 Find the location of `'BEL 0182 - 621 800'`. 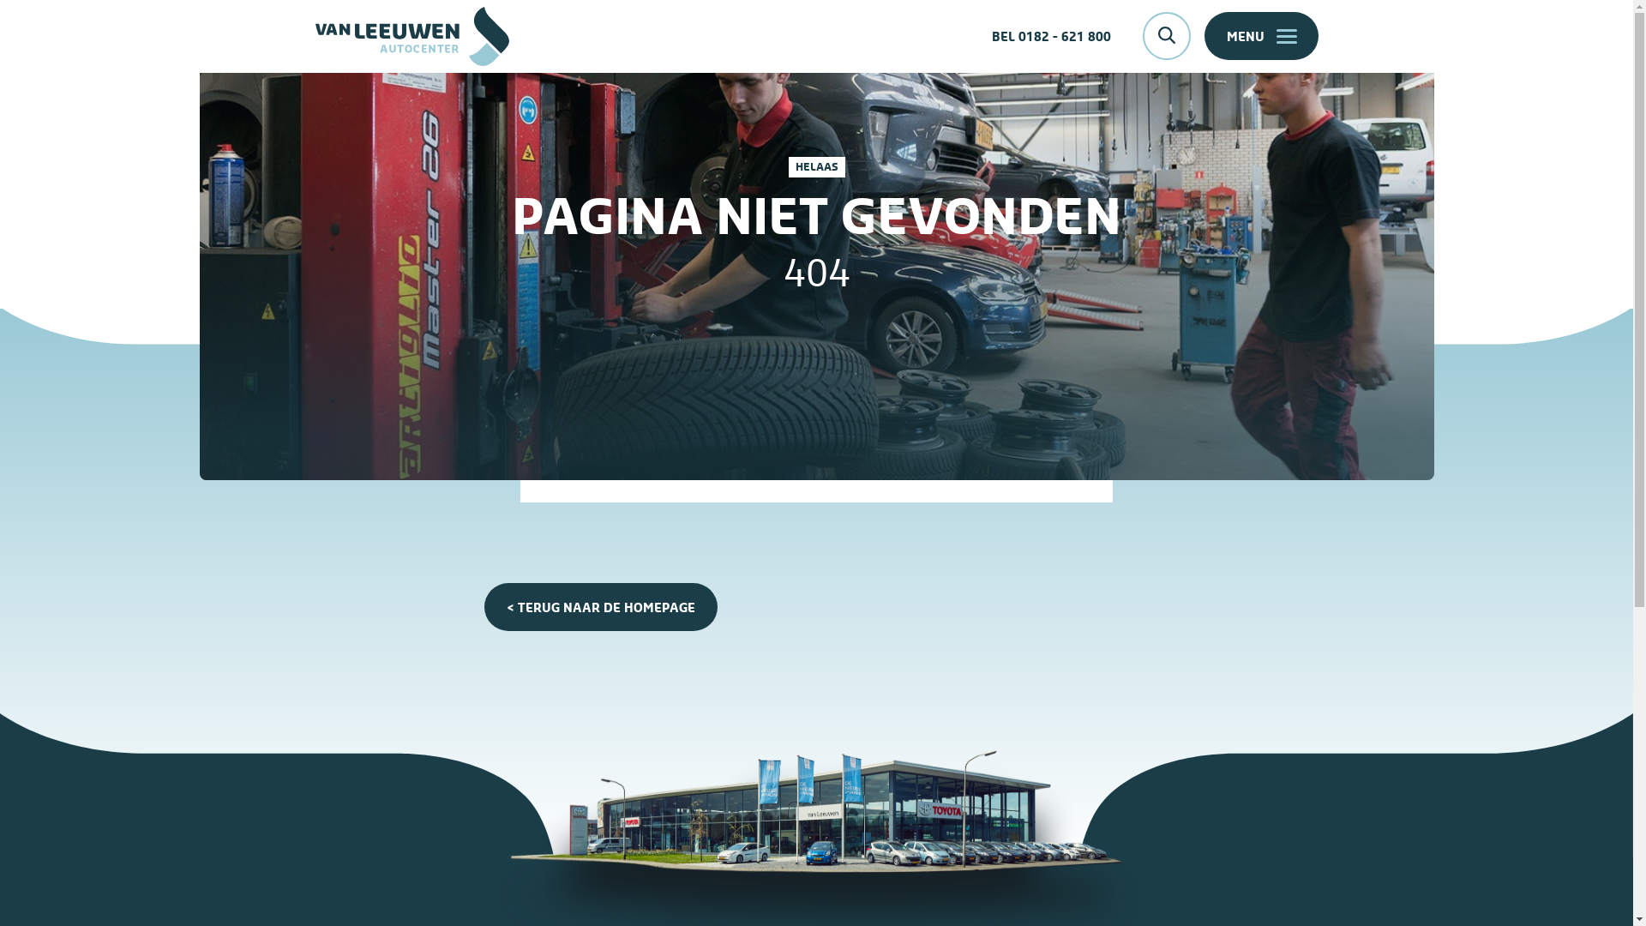

'BEL 0182 - 621 800' is located at coordinates (1049, 36).